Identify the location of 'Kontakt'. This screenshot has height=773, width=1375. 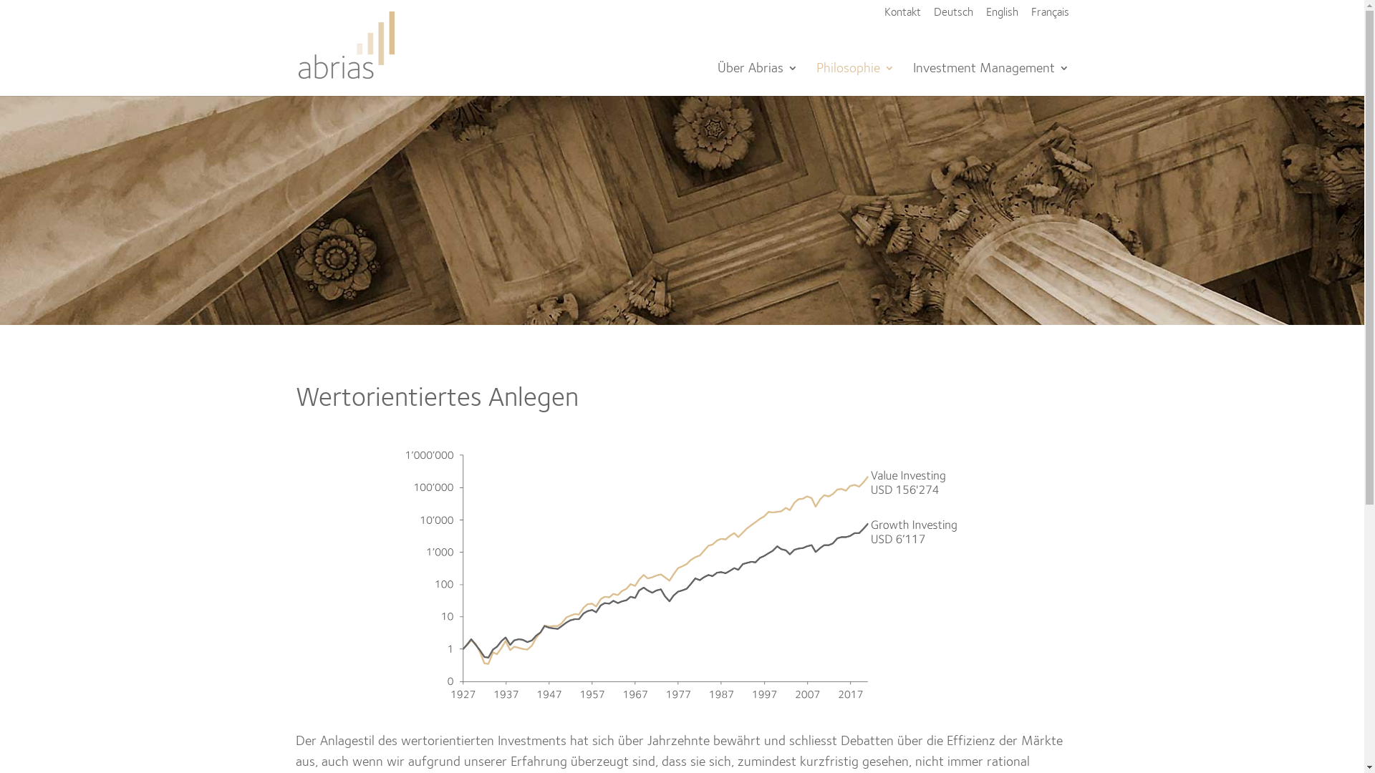
(901, 17).